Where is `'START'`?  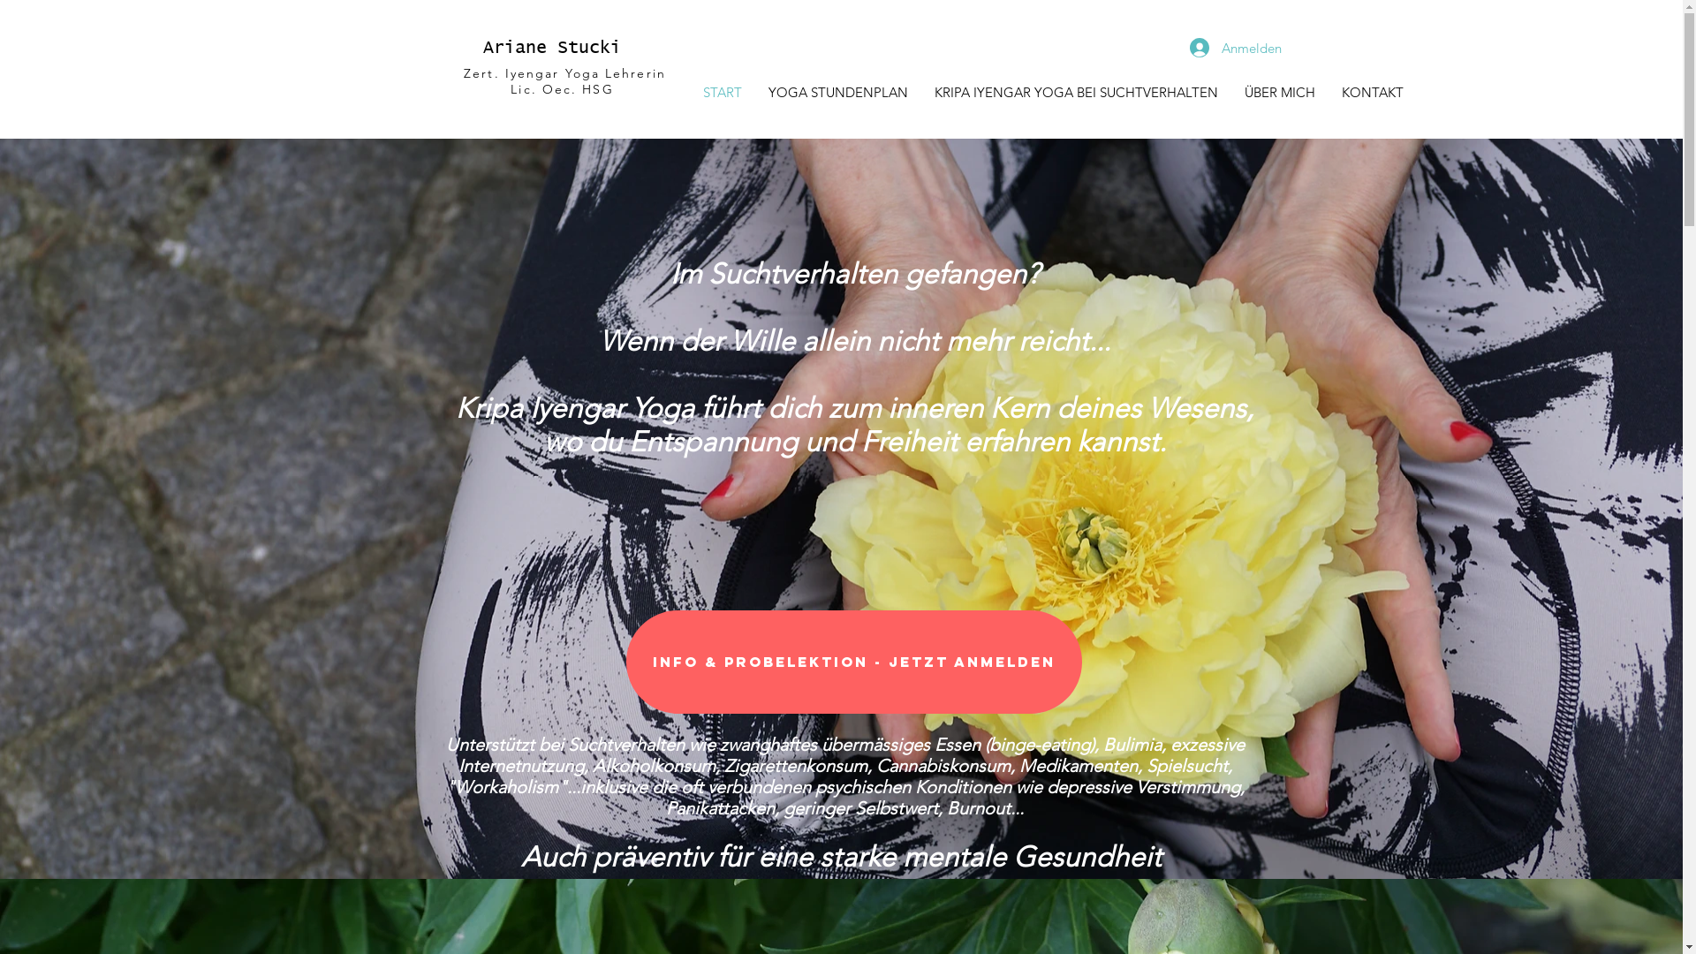 'START' is located at coordinates (721, 92).